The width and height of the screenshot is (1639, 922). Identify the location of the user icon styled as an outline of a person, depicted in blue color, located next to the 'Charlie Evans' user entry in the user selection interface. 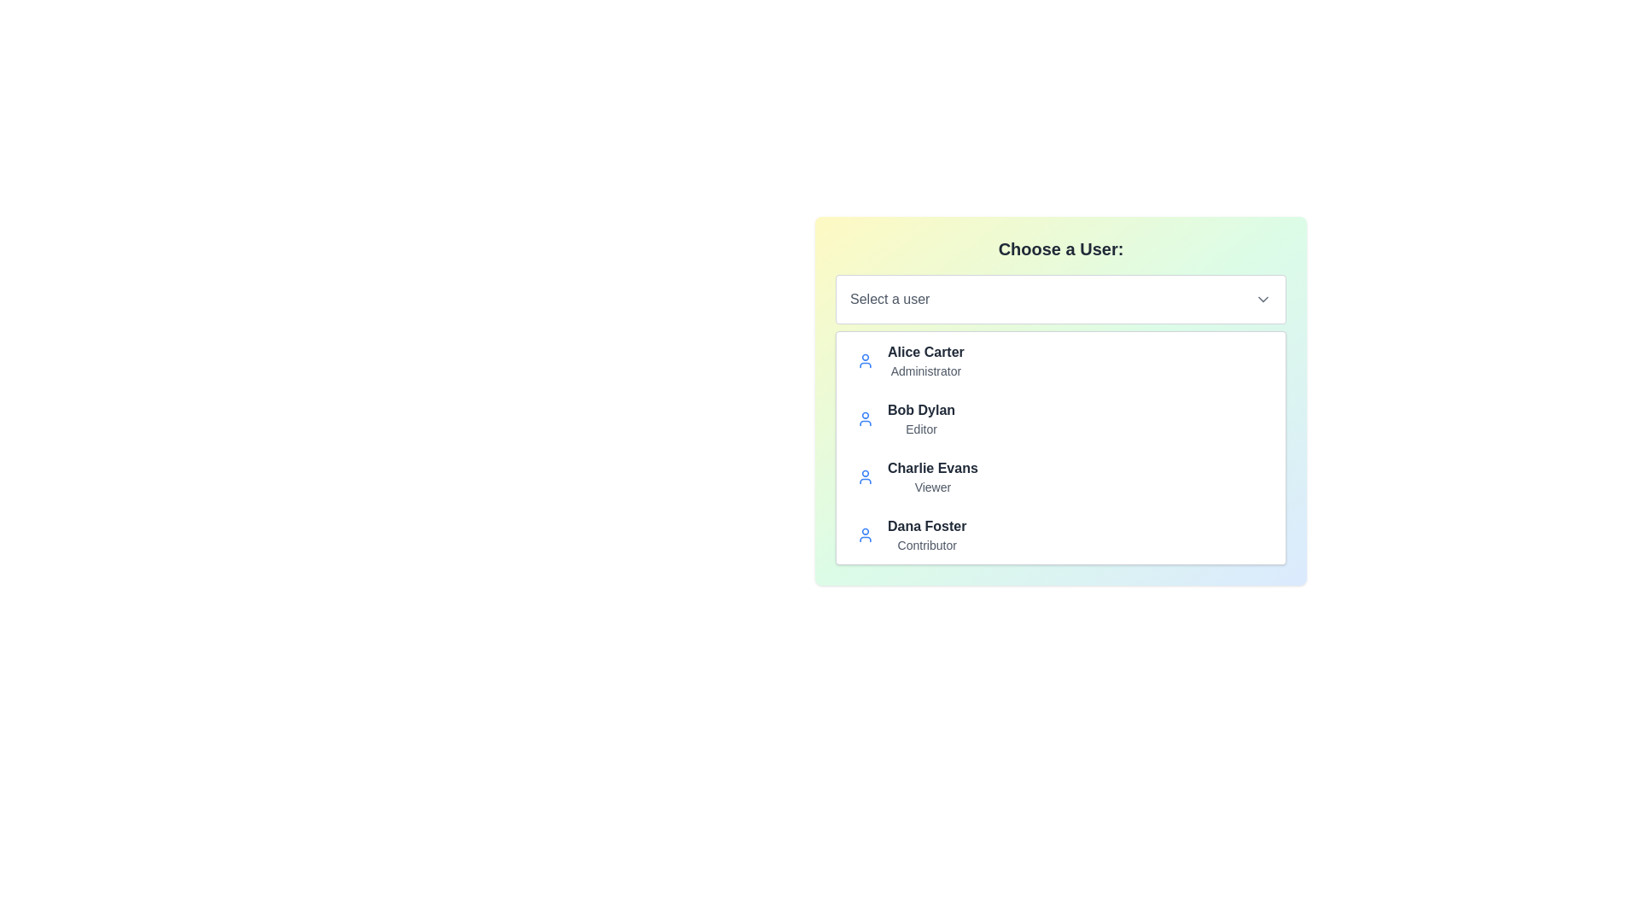
(865, 477).